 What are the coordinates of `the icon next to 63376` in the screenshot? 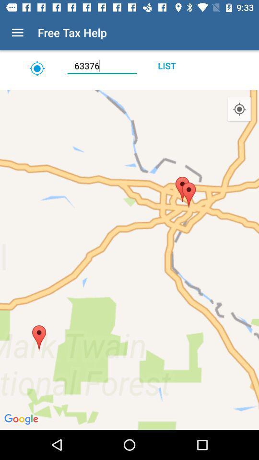 It's located at (166, 65).